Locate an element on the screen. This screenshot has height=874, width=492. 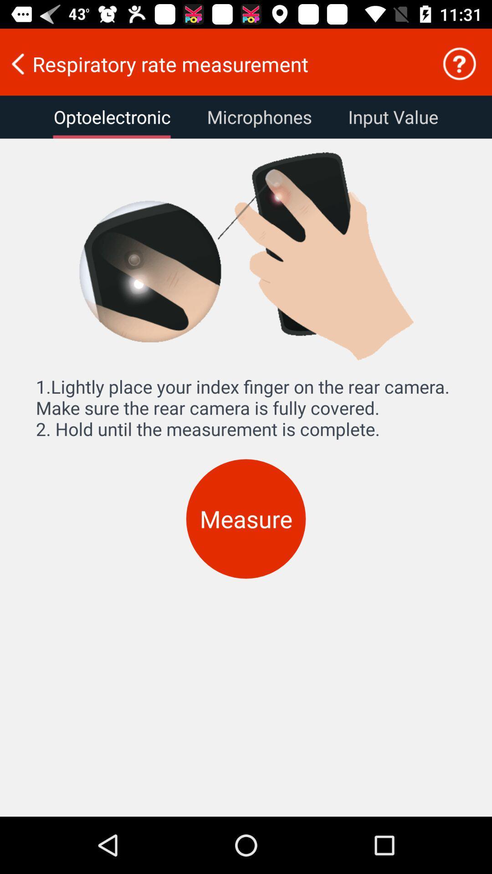
the icon to the right of the optoelectronic is located at coordinates (259, 117).